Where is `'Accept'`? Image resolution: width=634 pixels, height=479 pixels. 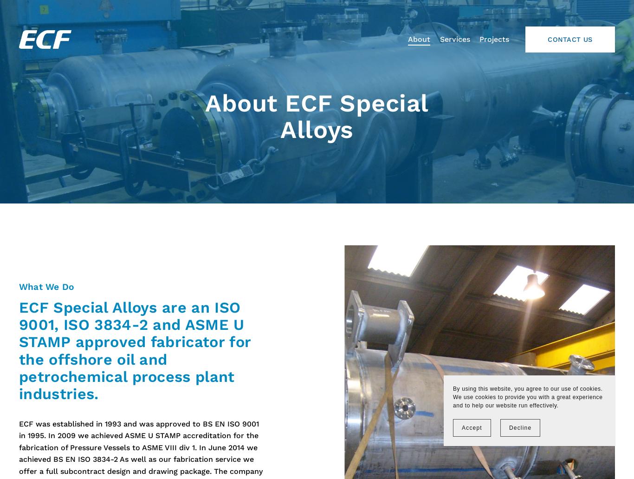
'Accept' is located at coordinates (472, 427).